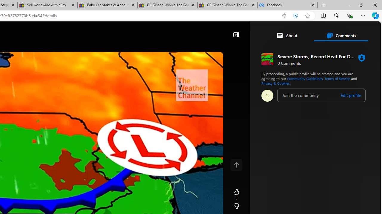  What do you see at coordinates (351, 95) in the screenshot?
I see `'Edit profile'` at bounding box center [351, 95].